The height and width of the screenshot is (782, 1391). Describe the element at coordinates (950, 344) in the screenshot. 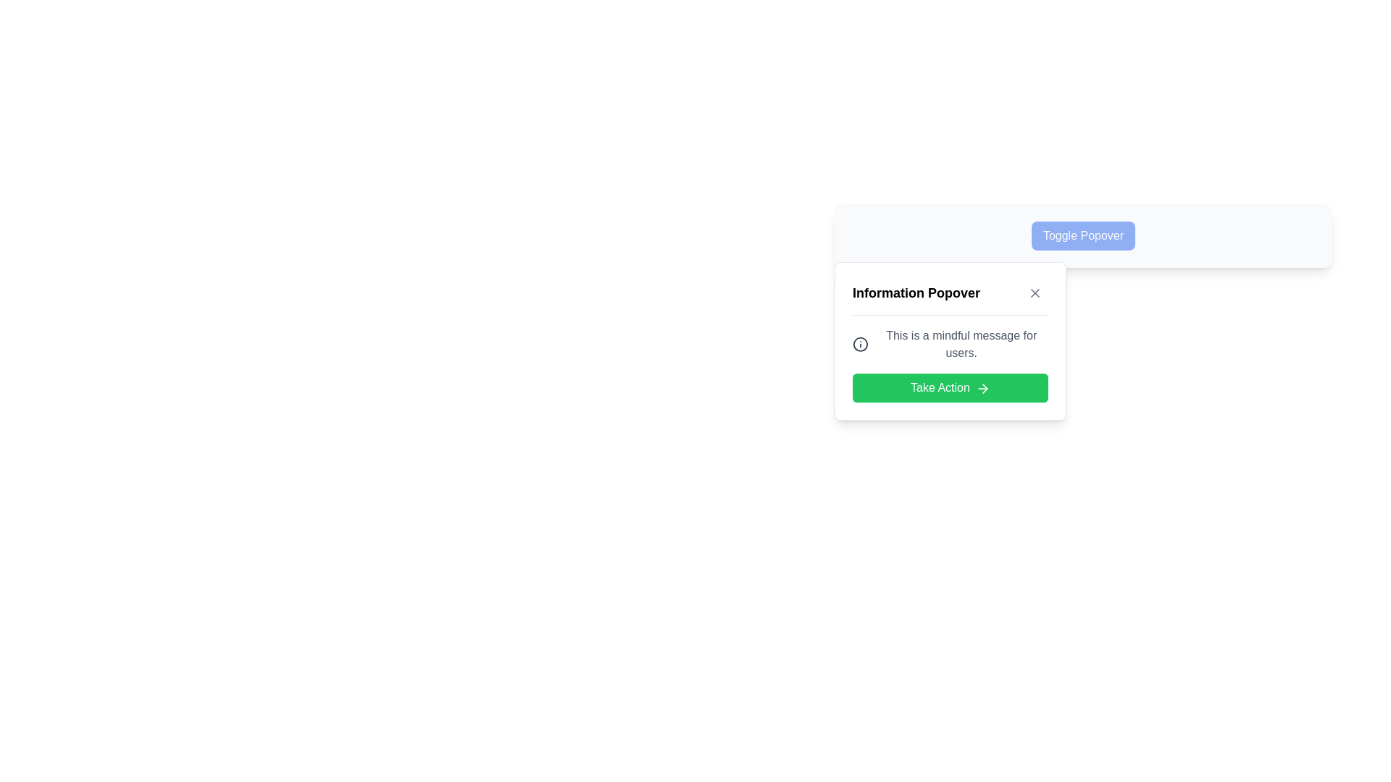

I see `the static informational text located in the 'Information Popover', positioned above the green 'Take Action' button` at that location.